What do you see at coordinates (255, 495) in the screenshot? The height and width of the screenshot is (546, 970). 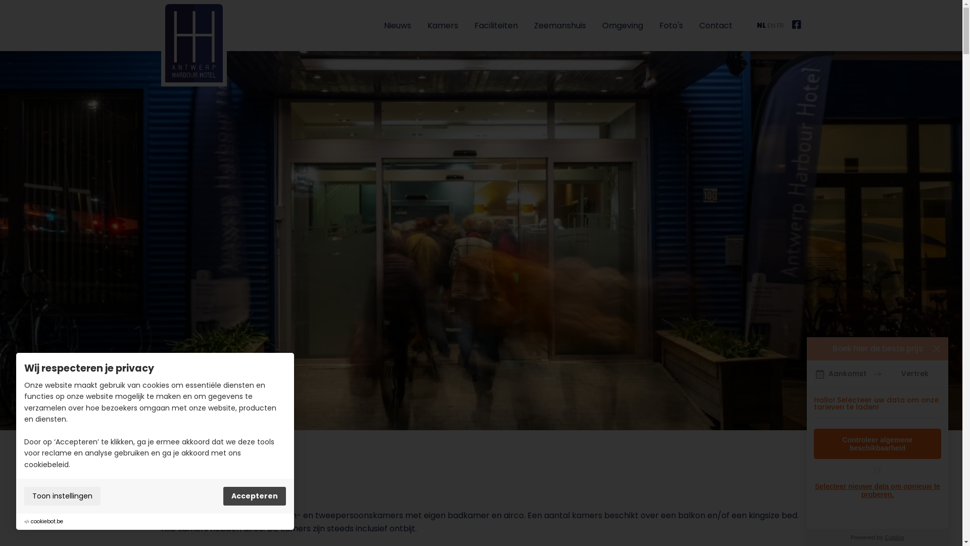 I see `'Accepteren'` at bounding box center [255, 495].